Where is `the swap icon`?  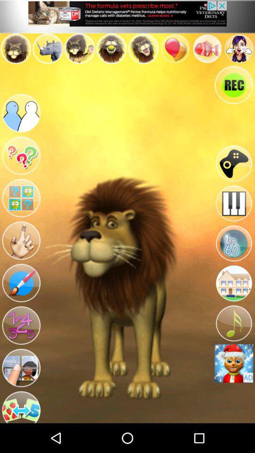 the swap icon is located at coordinates (21, 435).